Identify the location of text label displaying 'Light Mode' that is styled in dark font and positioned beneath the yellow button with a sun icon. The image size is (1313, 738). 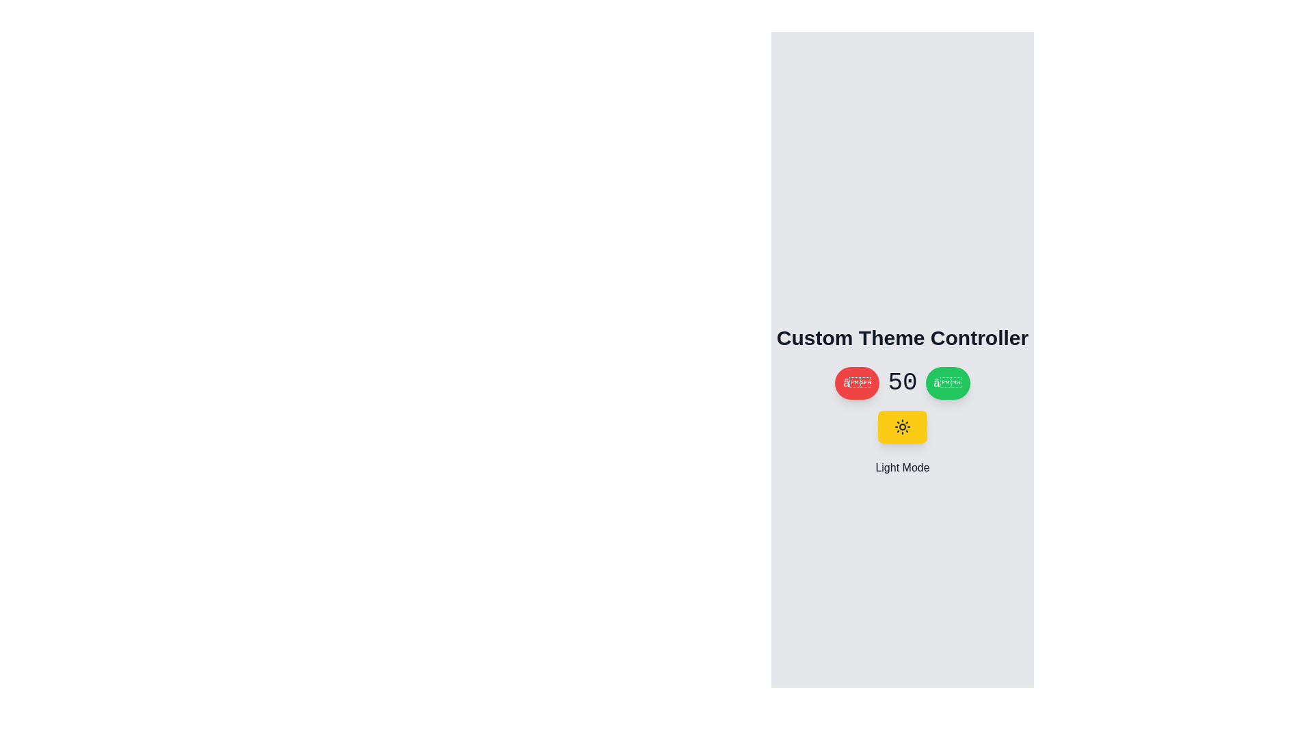
(903, 467).